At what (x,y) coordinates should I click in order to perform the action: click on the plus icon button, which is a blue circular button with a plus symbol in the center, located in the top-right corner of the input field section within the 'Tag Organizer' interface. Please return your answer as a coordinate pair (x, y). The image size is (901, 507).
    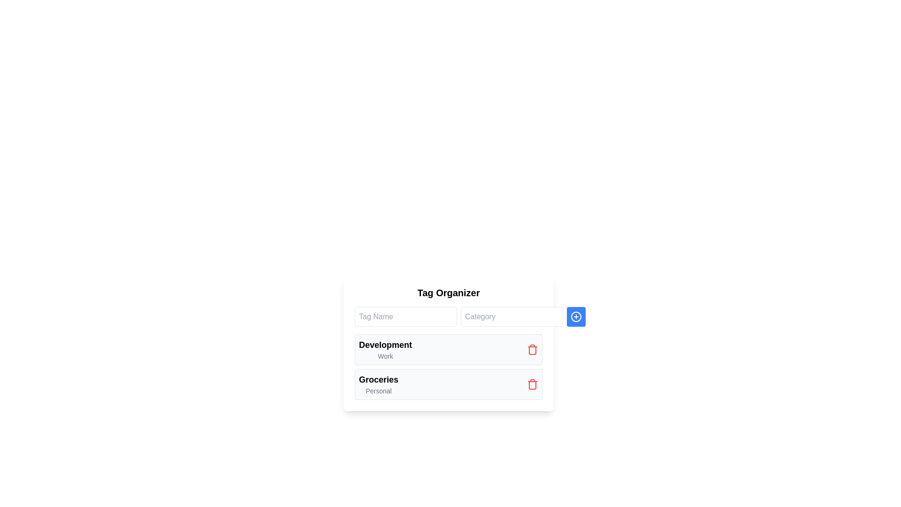
    Looking at the image, I should click on (576, 317).